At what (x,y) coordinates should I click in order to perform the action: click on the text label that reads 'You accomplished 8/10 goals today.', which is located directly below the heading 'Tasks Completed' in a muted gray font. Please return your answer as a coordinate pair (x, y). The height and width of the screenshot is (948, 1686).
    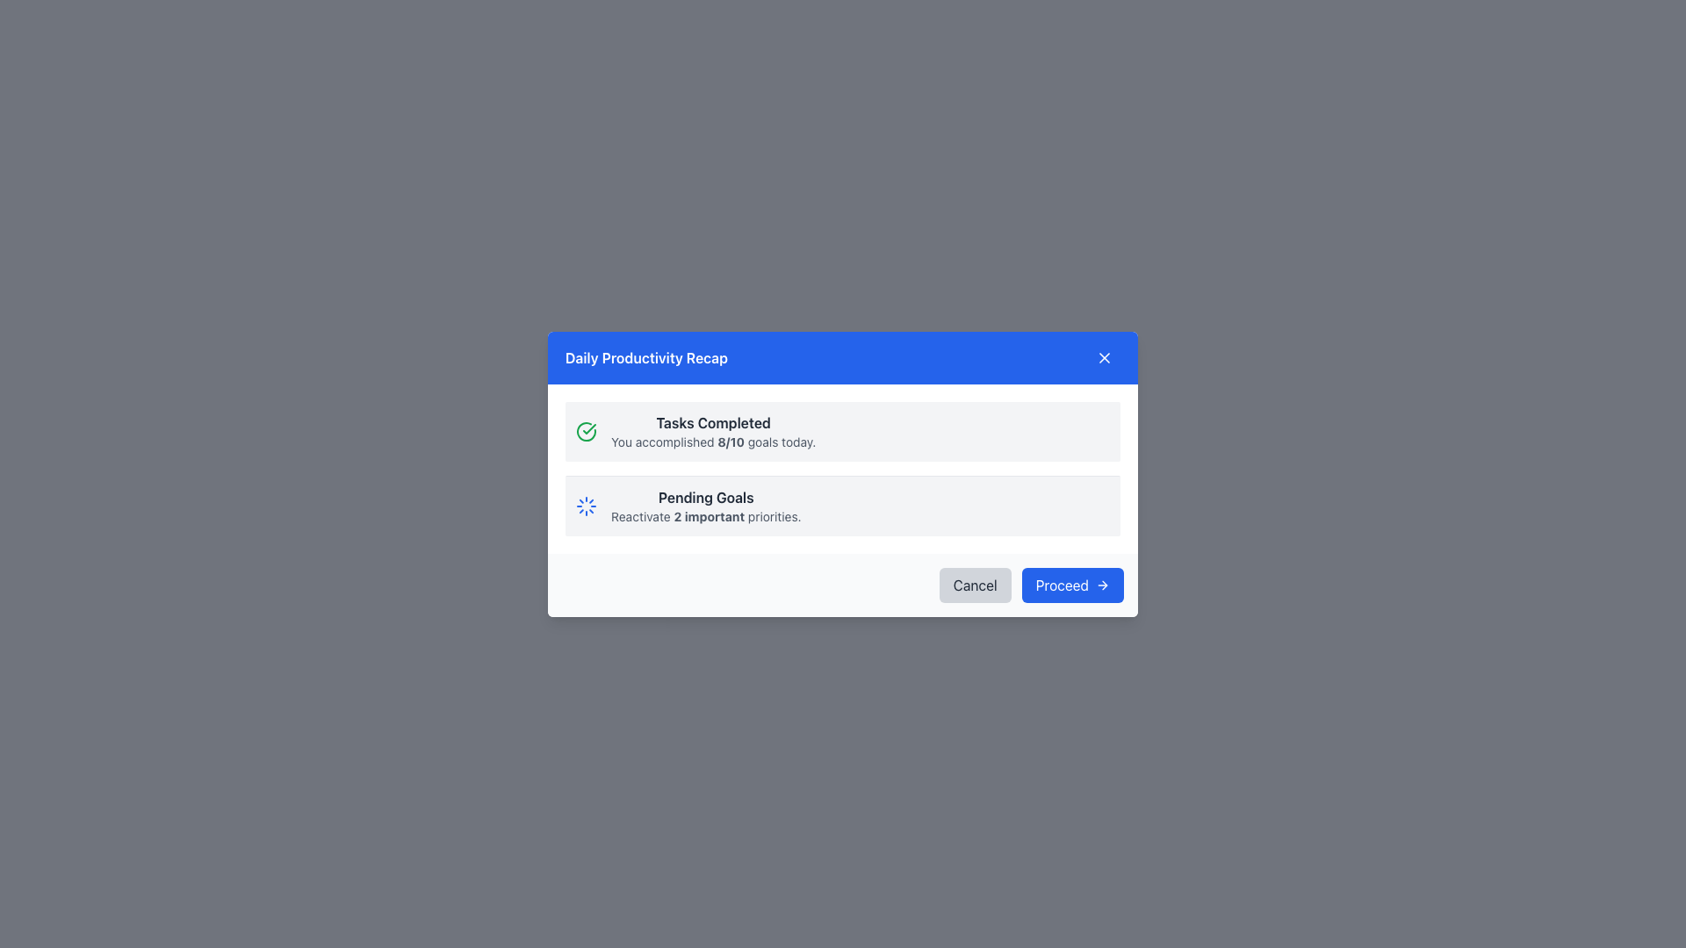
    Looking at the image, I should click on (713, 441).